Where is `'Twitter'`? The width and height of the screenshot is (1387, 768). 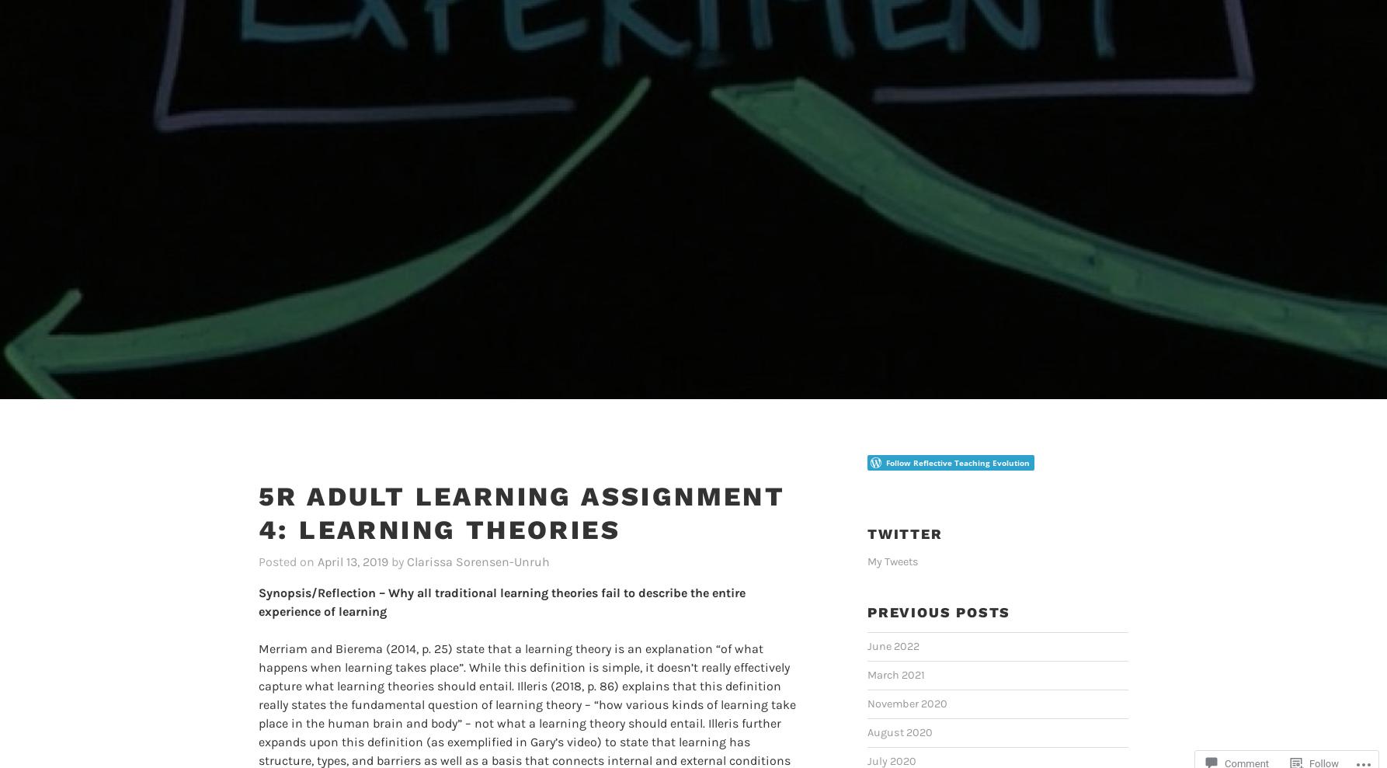
'Twitter' is located at coordinates (904, 509).